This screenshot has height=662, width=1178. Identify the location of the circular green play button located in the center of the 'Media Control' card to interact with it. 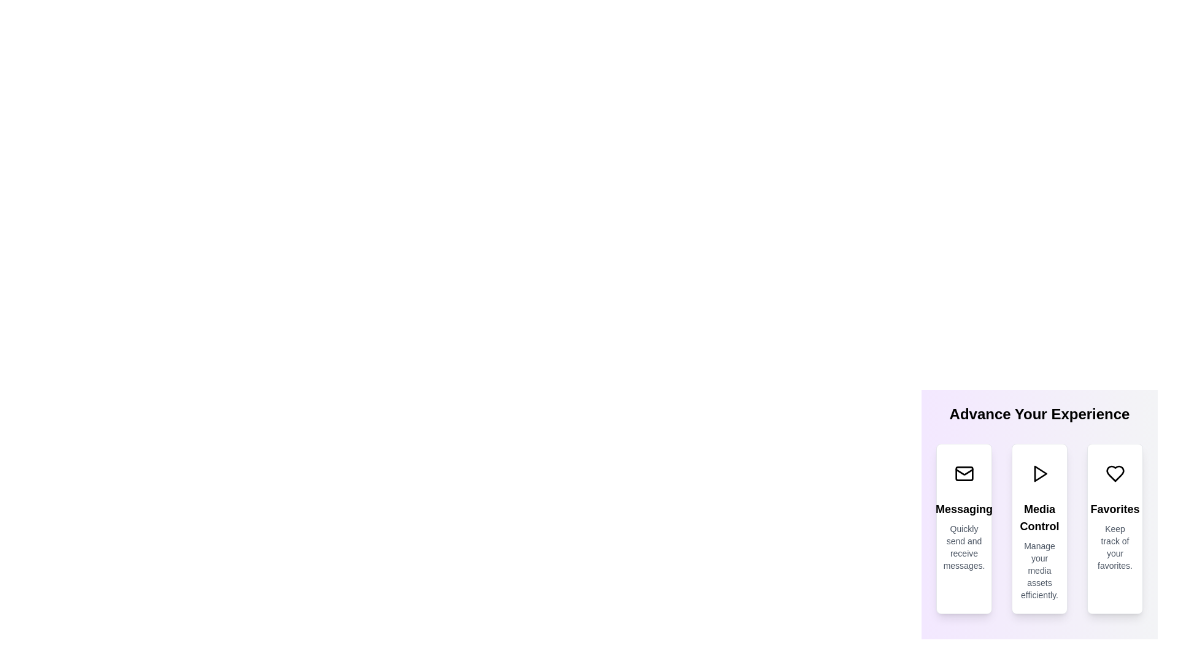
(1039, 473).